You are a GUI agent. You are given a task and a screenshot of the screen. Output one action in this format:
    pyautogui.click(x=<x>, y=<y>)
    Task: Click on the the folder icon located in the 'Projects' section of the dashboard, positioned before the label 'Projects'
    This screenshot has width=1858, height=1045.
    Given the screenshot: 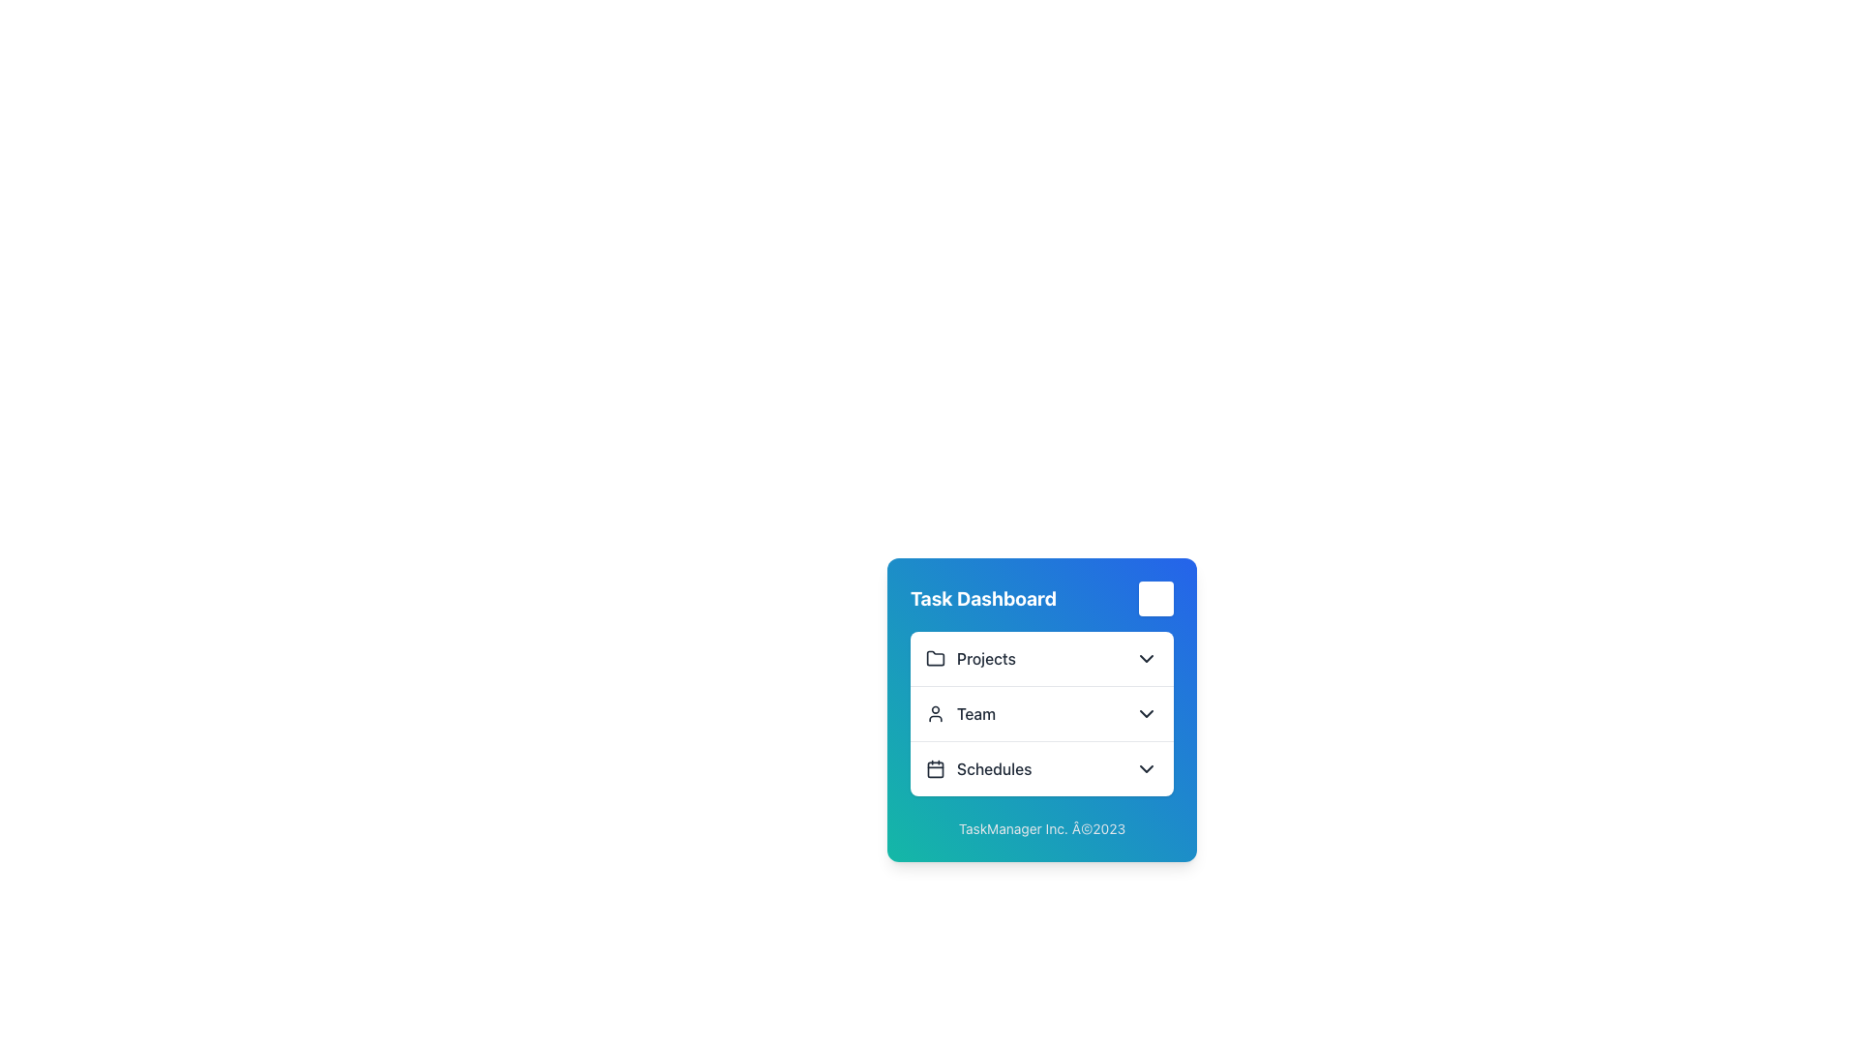 What is the action you would take?
    pyautogui.click(x=935, y=656)
    